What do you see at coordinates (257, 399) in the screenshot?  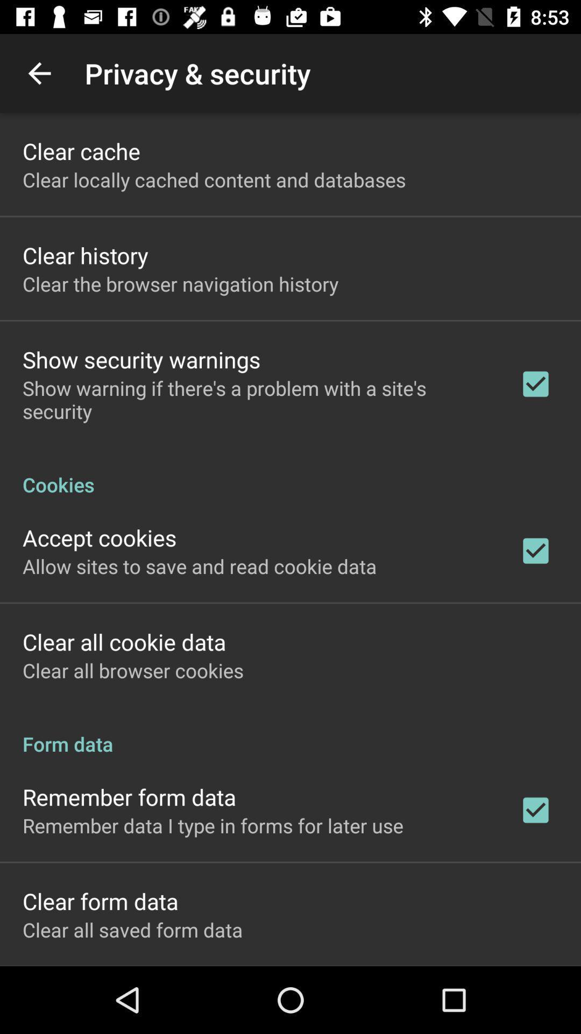 I see `item below the show security warnings item` at bounding box center [257, 399].